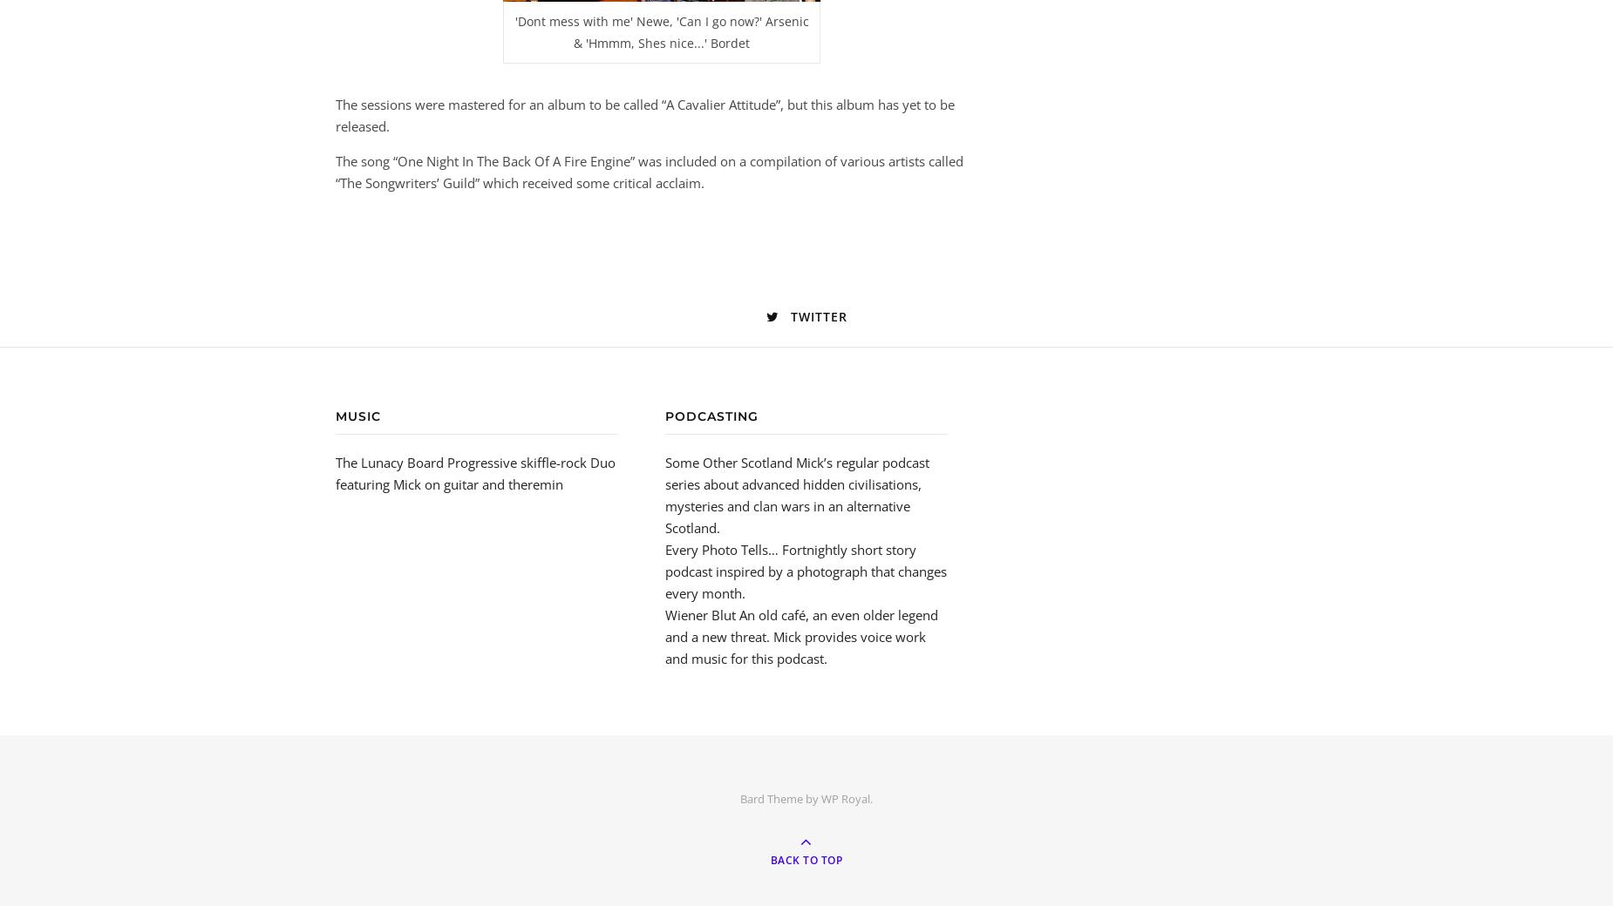 The image size is (1613, 906). Describe the element at coordinates (711, 416) in the screenshot. I see `'Podcasting'` at that location.